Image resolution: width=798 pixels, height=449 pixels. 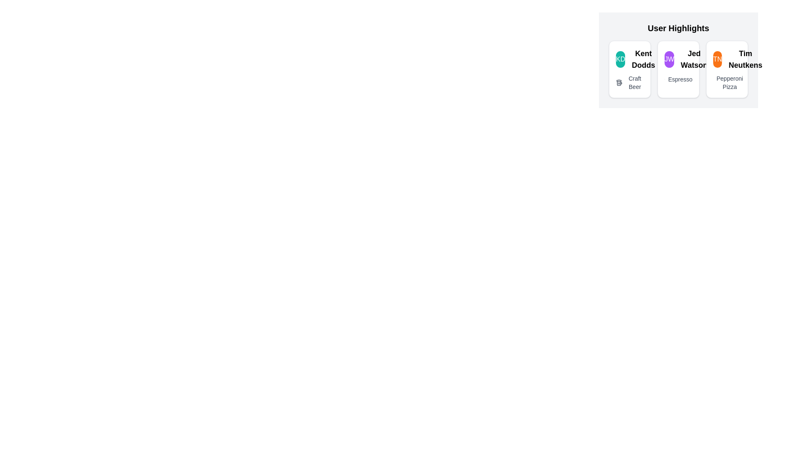 What do you see at coordinates (678, 69) in the screenshot?
I see `the second Informative card in the grid under the 'User Highlights' section, which provides a visual summary representing an individual` at bounding box center [678, 69].